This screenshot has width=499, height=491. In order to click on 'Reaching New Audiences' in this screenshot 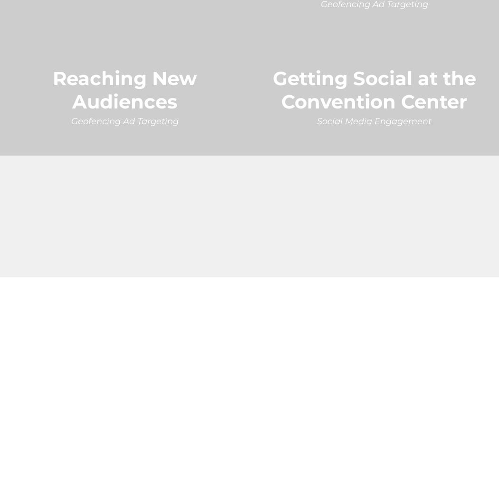, I will do `click(125, 89)`.